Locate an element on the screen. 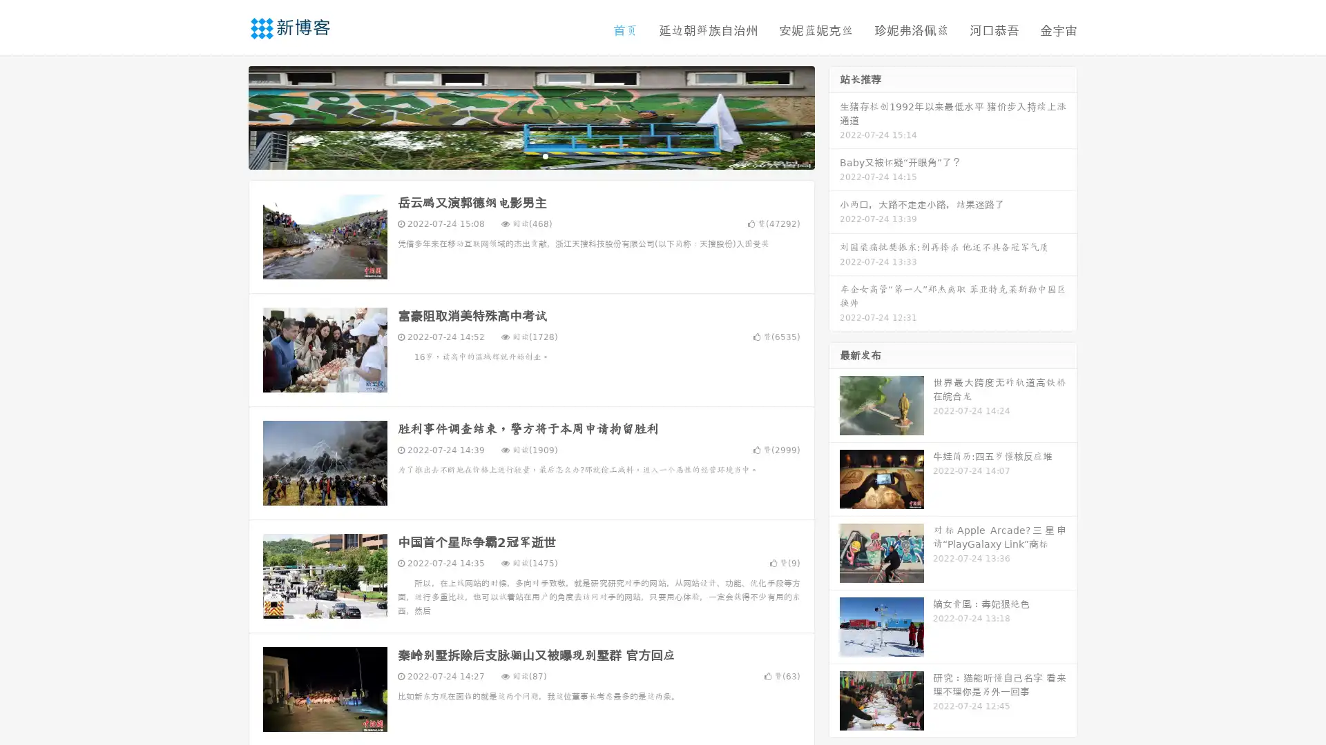  Next slide is located at coordinates (834, 116).